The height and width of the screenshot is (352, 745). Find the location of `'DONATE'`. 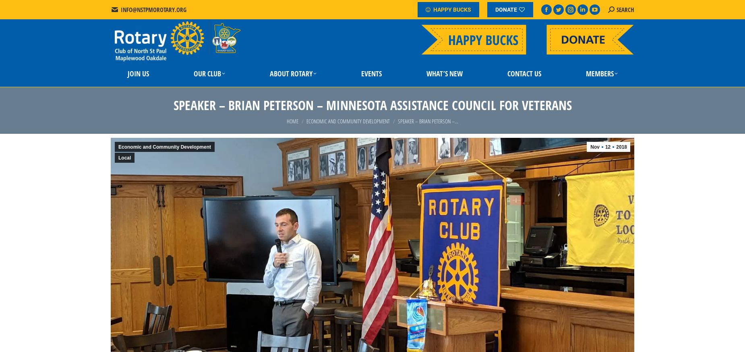

'DONATE' is located at coordinates (505, 9).